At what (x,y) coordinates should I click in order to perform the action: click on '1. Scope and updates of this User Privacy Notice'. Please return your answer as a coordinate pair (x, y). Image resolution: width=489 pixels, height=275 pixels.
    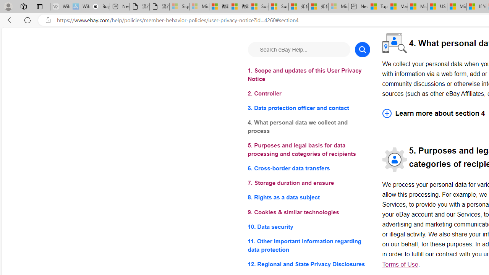
    Looking at the image, I should click on (309, 75).